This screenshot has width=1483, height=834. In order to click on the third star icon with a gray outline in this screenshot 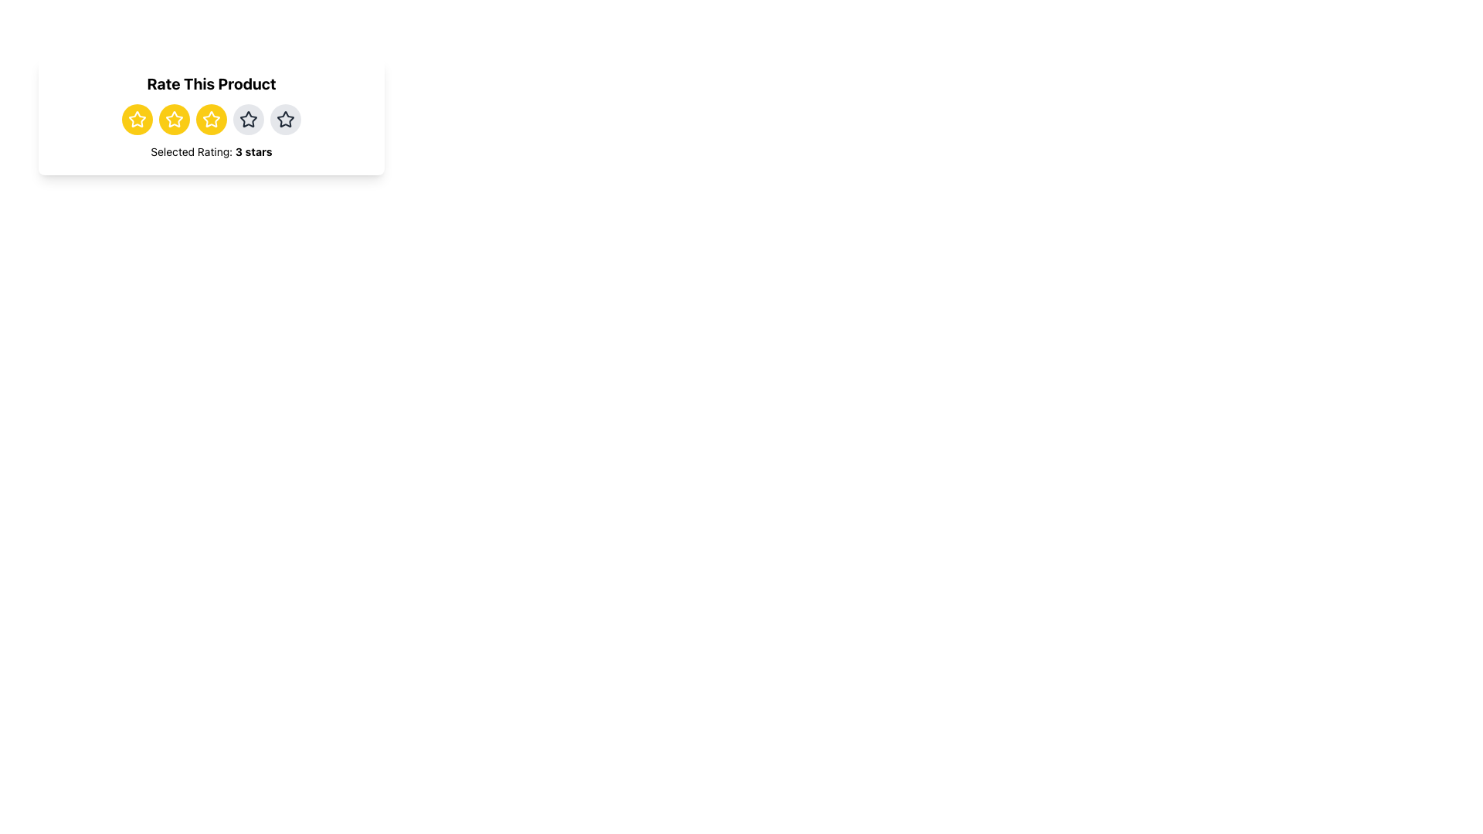, I will do `click(285, 118)`.